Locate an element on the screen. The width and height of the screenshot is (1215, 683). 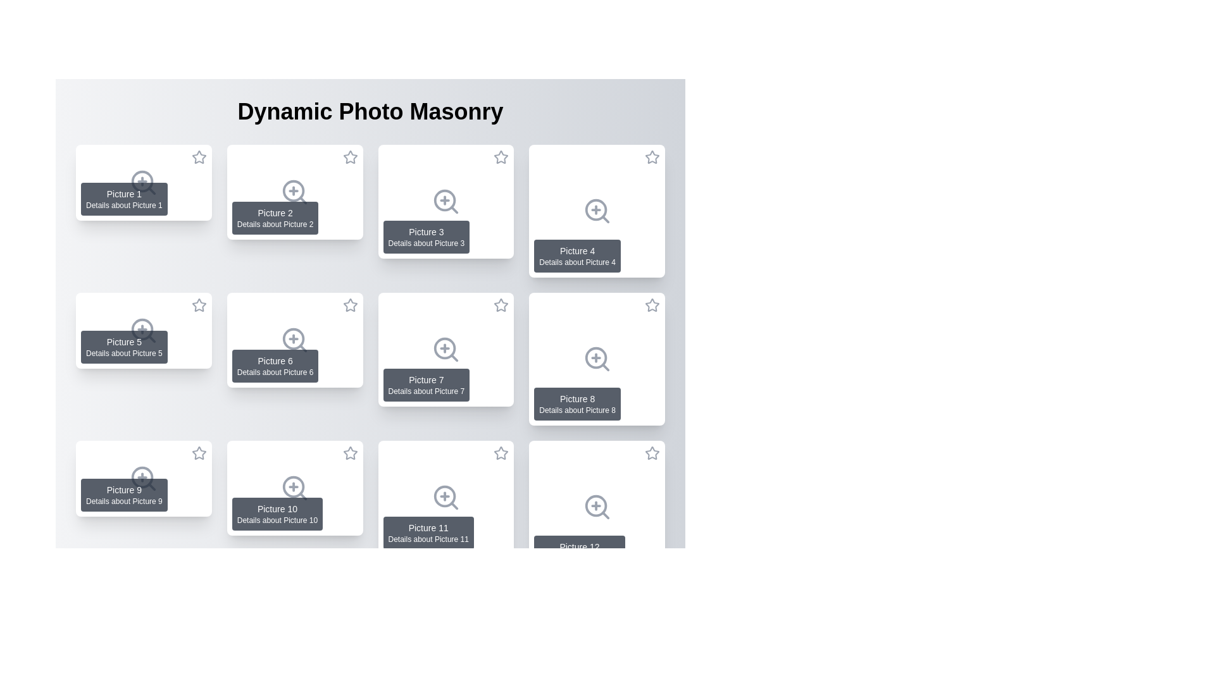
the small, gray-colored text displaying 'Details about Picture 9' located in the bottom-left area of the card labeled 'Picture 9' is located at coordinates (124, 501).